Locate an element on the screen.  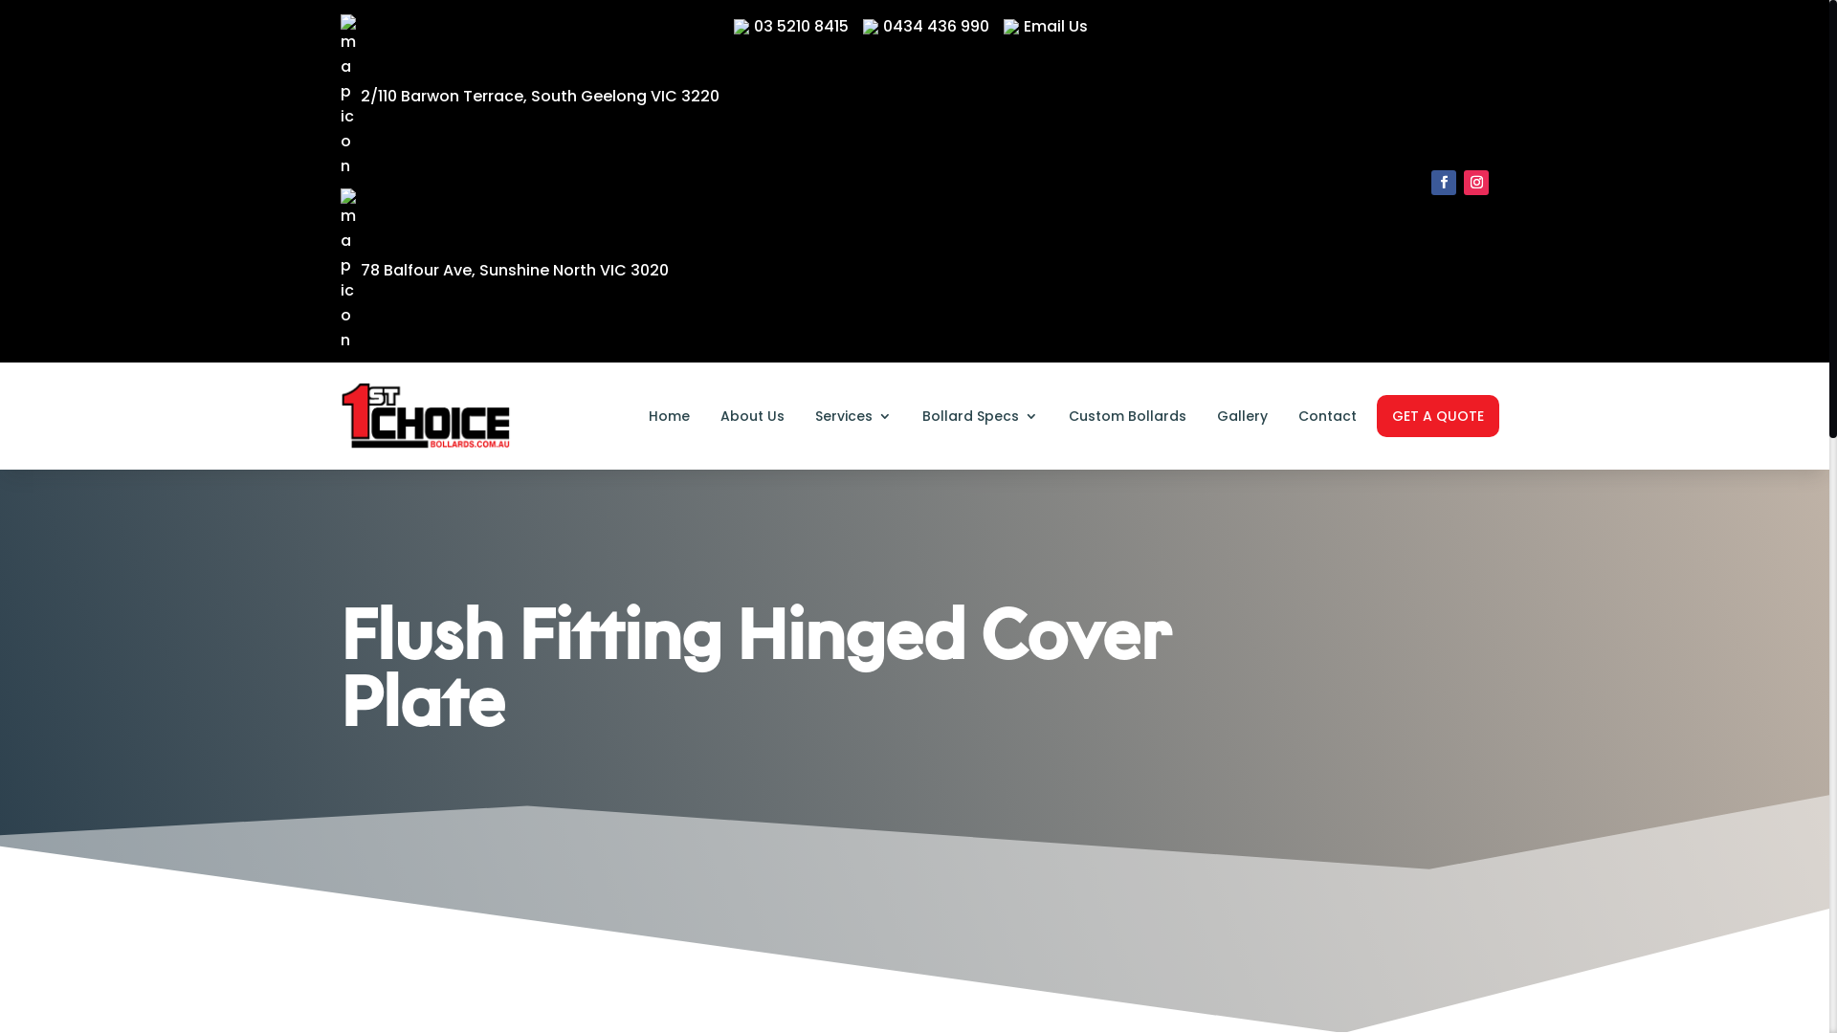
'78 Balfour Ave, Sunshine North VIC 3020' is located at coordinates (504, 270).